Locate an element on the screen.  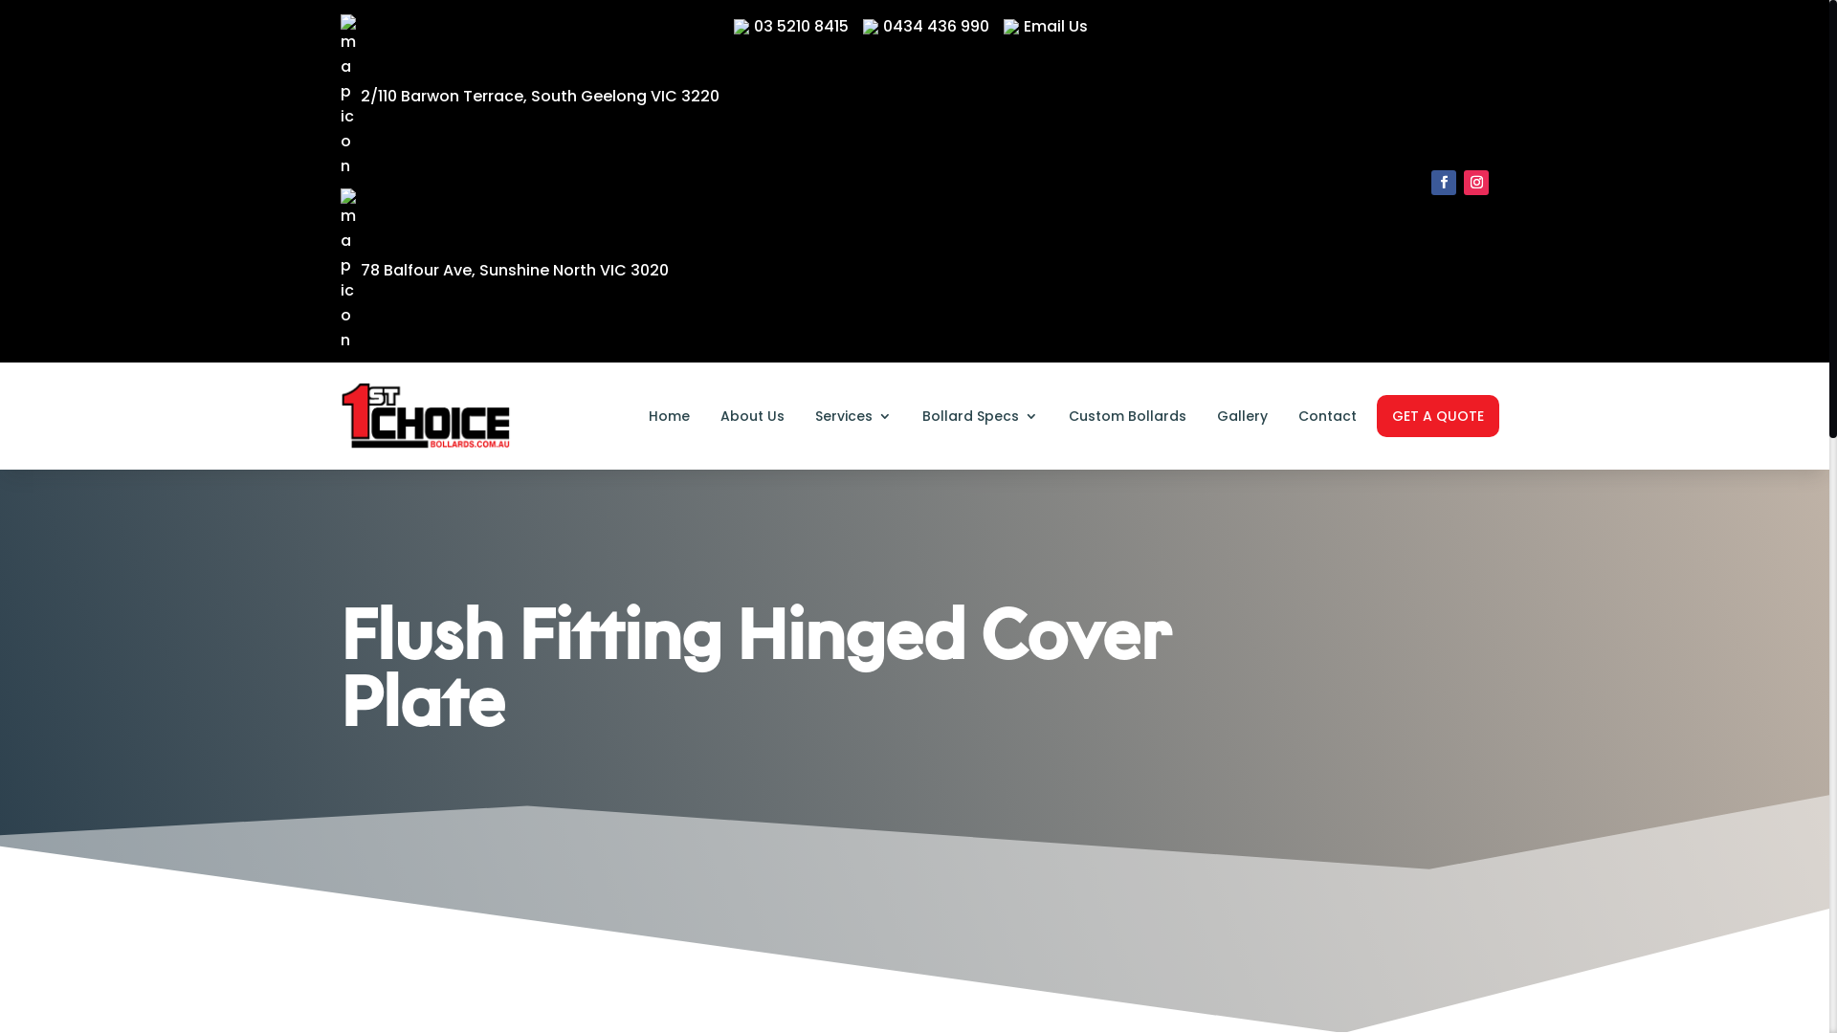
'78 Balfour Ave, Sunshine North VIC 3020' is located at coordinates (504, 270).